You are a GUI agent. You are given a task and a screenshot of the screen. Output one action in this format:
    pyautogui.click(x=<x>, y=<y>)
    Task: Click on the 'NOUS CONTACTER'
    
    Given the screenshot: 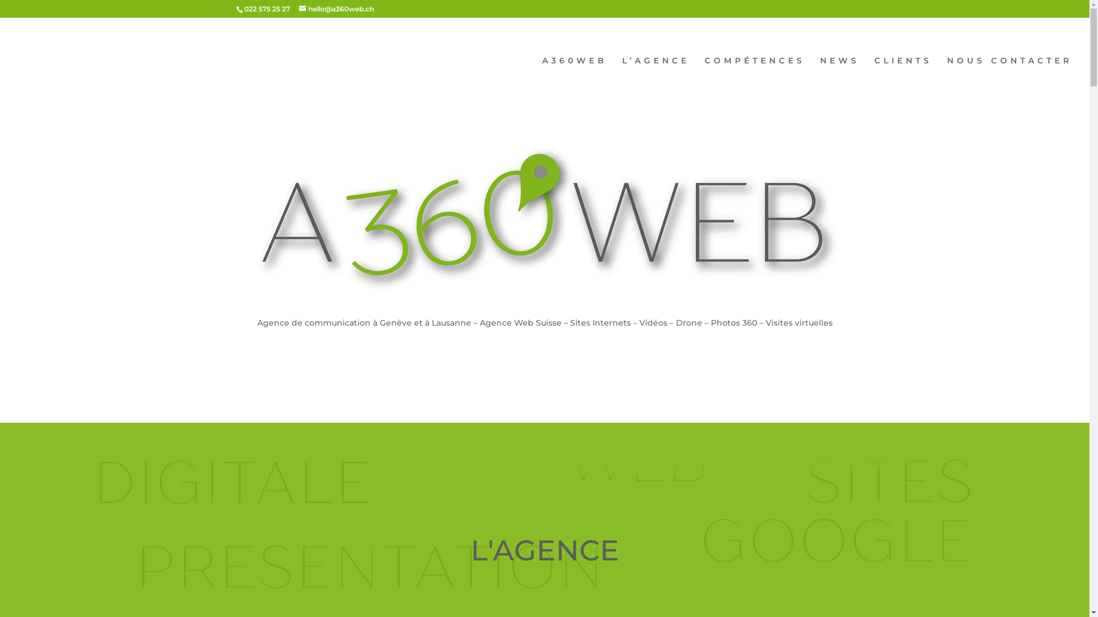 What is the action you would take?
    pyautogui.click(x=1009, y=79)
    